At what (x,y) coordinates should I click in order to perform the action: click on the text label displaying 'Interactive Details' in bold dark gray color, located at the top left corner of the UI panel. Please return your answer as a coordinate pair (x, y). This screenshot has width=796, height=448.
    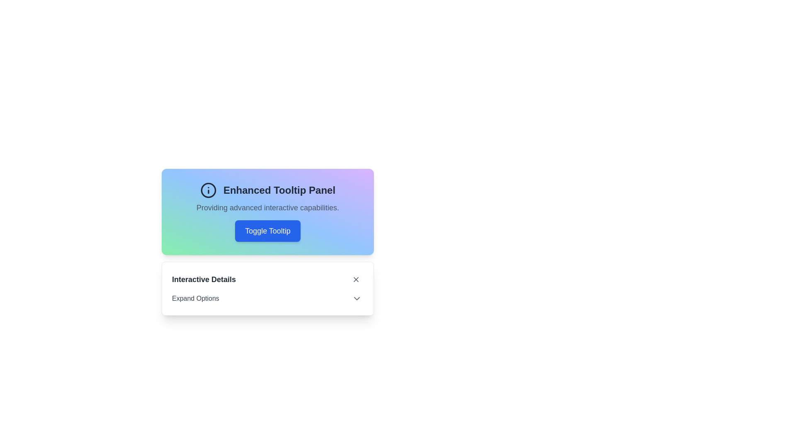
    Looking at the image, I should click on (204, 280).